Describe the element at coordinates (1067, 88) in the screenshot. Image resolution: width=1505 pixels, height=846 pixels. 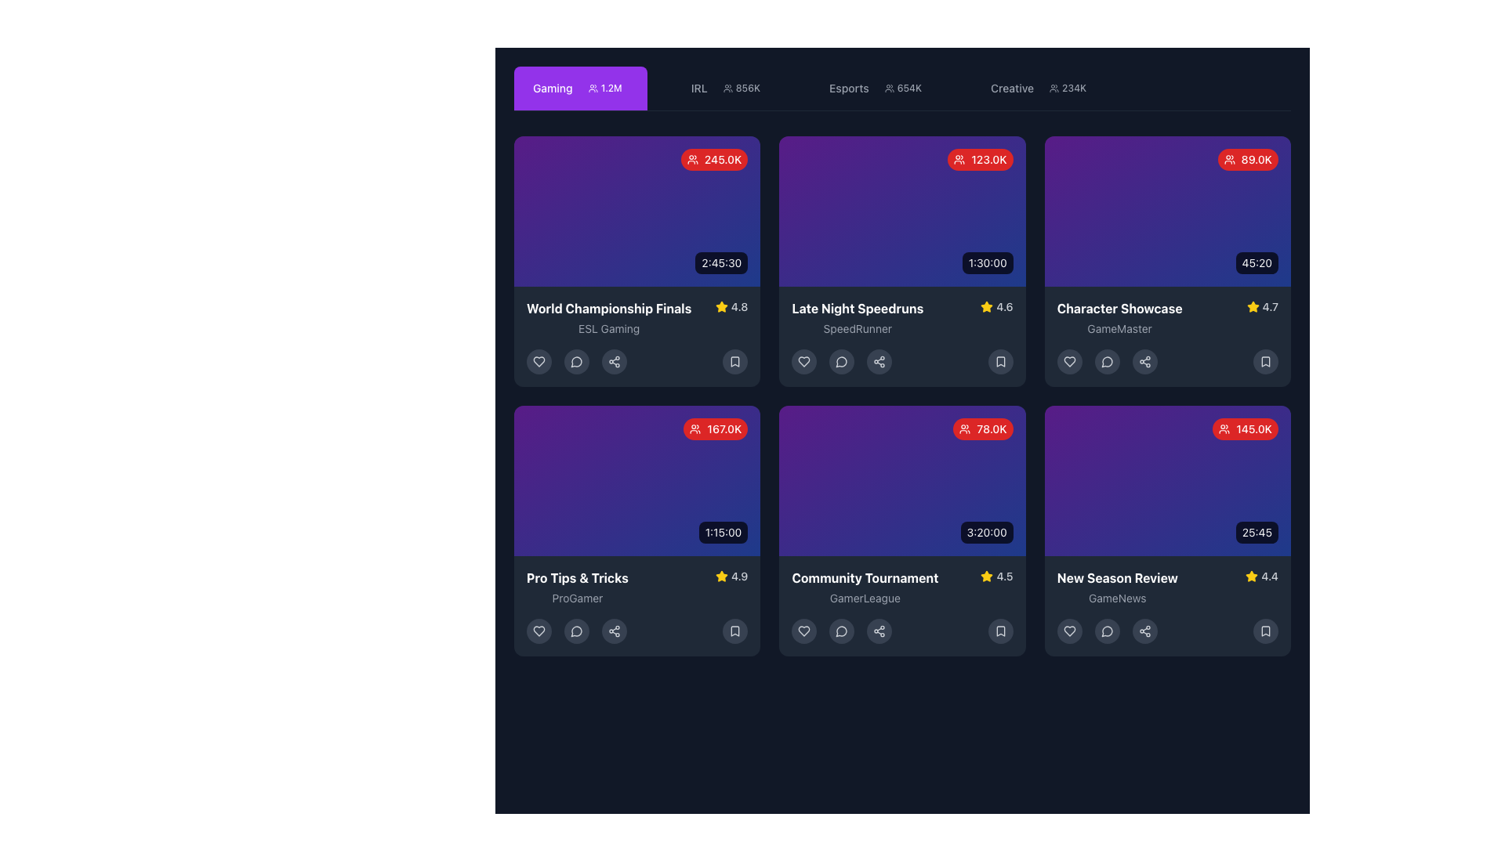
I see `the Badge displaying the number of users/viewers associated with the 'Creative' category, located at the rightmost part of the tab bar` at that location.